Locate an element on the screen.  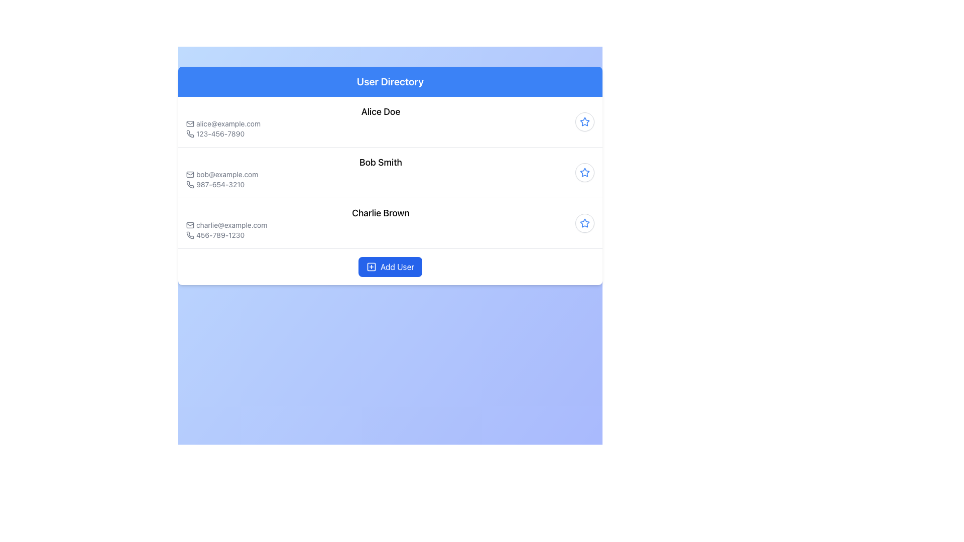
the compact envelope icon representing email, located before the email address 'bob@example.com' in the user details list is located at coordinates (190, 174).